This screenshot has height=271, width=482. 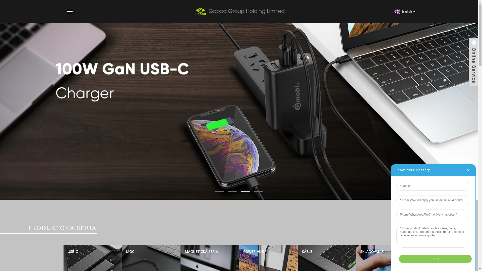 What do you see at coordinates (404, 11) in the screenshot?
I see `'English'` at bounding box center [404, 11].